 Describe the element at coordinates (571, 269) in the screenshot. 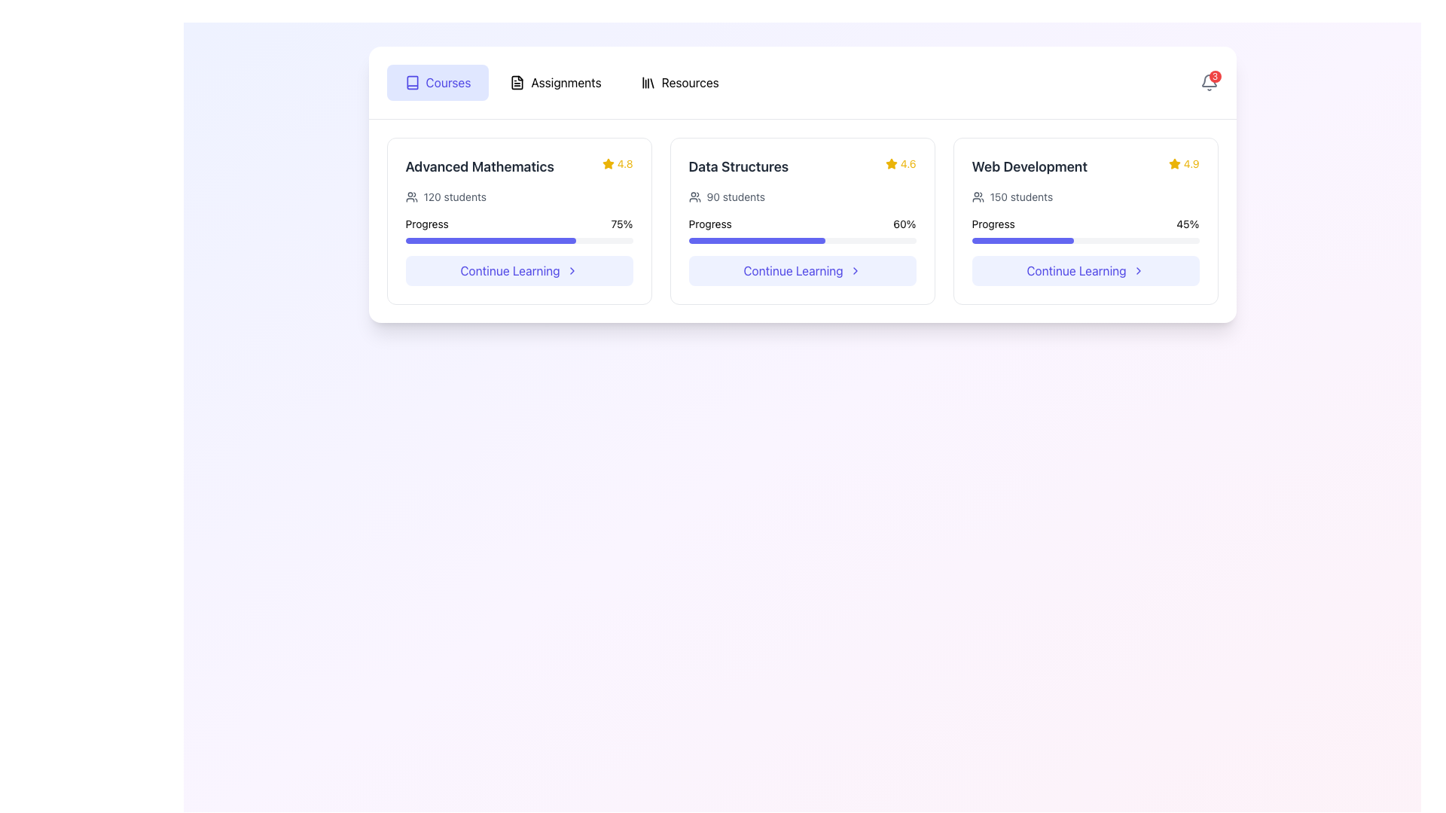

I see `the chevron icon located at the far-right end of the 'Continue Learning' button within the 'Advanced Mathematics' card` at that location.